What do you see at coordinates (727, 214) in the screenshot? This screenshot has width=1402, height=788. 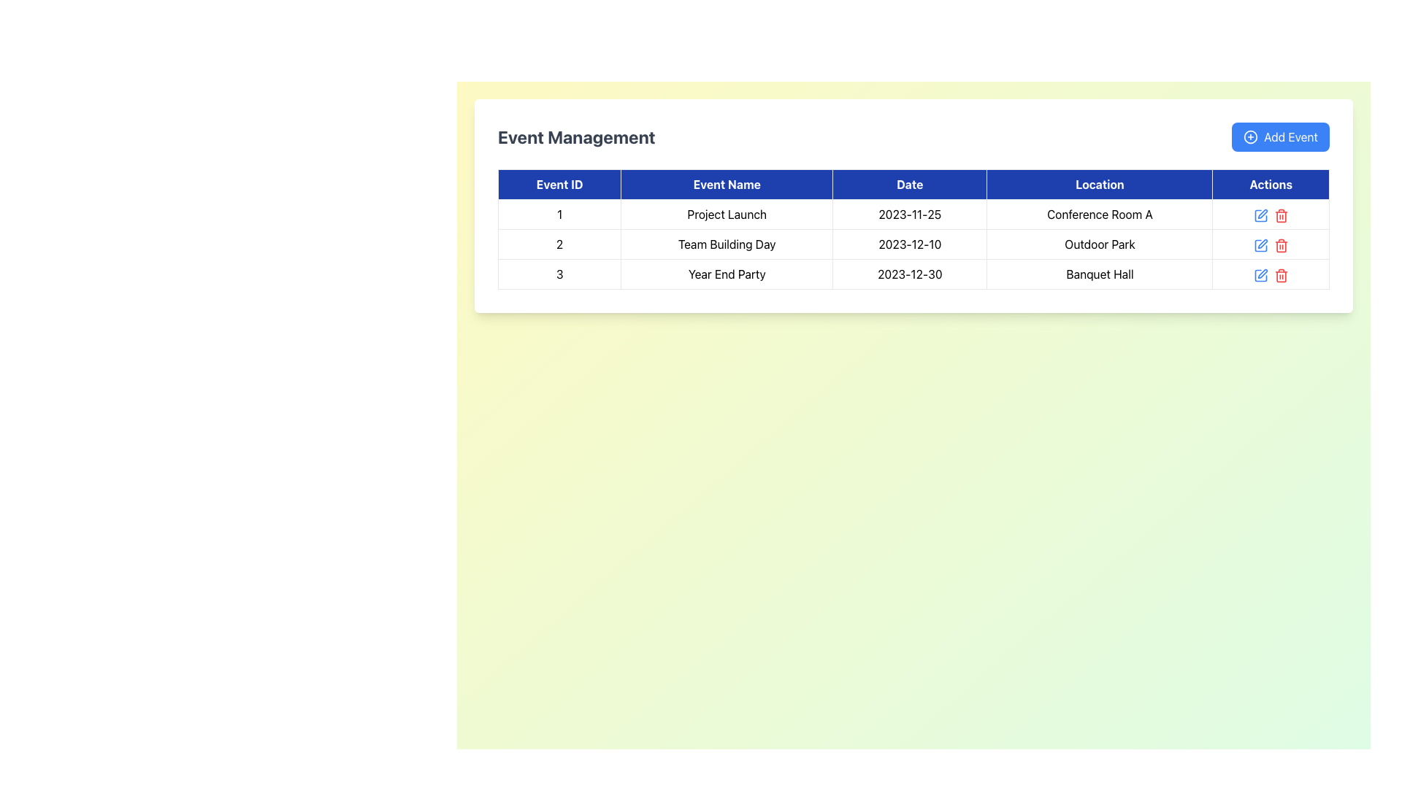 I see `the Text Label displaying the event's name located in the second column of the first row of the table, adjacent to the 'Event ID' and 'Date' columns` at bounding box center [727, 214].